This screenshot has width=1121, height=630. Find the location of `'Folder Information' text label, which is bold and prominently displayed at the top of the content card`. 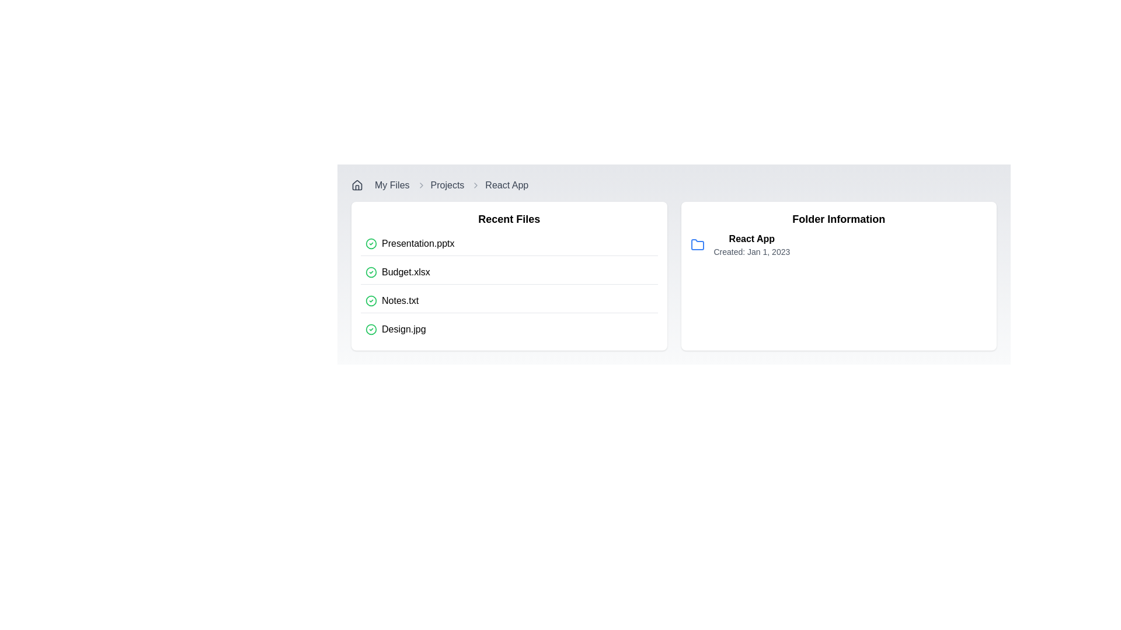

'Folder Information' text label, which is bold and prominently displayed at the top of the content card is located at coordinates (838, 219).